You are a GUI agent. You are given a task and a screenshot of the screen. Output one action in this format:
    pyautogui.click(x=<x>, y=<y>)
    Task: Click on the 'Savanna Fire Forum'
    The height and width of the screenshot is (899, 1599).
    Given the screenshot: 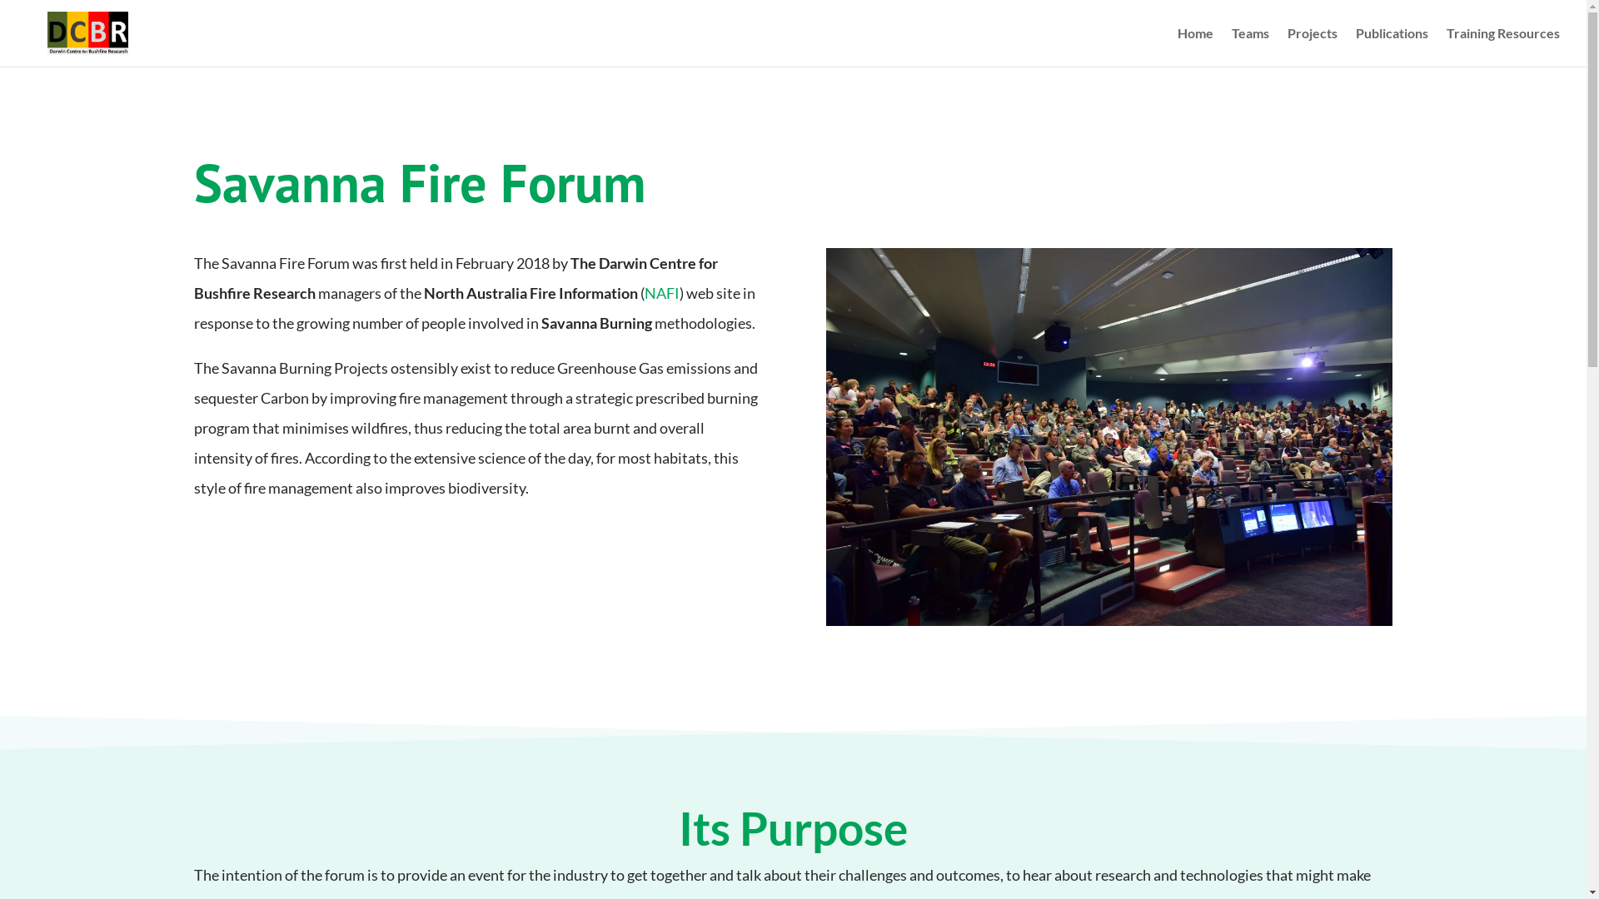 What is the action you would take?
    pyautogui.click(x=1109, y=435)
    